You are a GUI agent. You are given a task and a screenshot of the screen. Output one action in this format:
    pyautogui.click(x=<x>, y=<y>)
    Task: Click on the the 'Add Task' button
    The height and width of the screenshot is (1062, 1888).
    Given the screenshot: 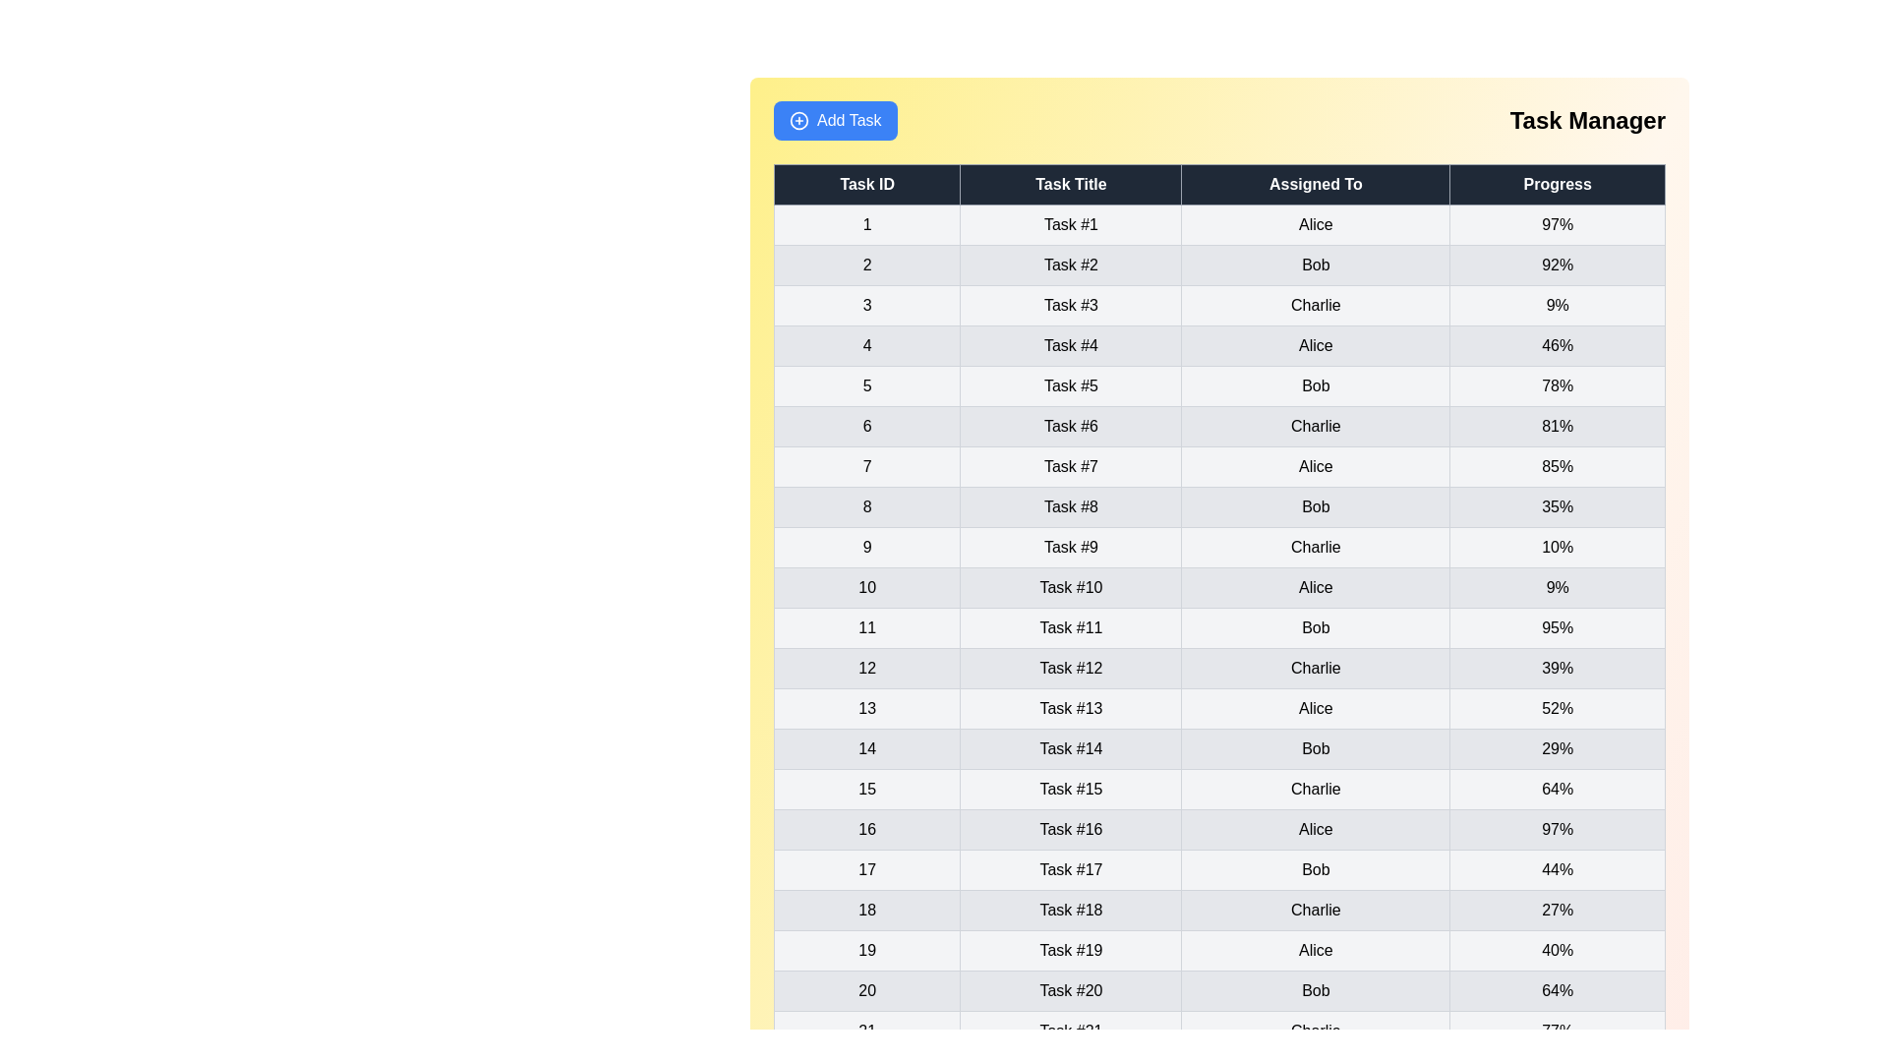 What is the action you would take?
    pyautogui.click(x=835, y=121)
    